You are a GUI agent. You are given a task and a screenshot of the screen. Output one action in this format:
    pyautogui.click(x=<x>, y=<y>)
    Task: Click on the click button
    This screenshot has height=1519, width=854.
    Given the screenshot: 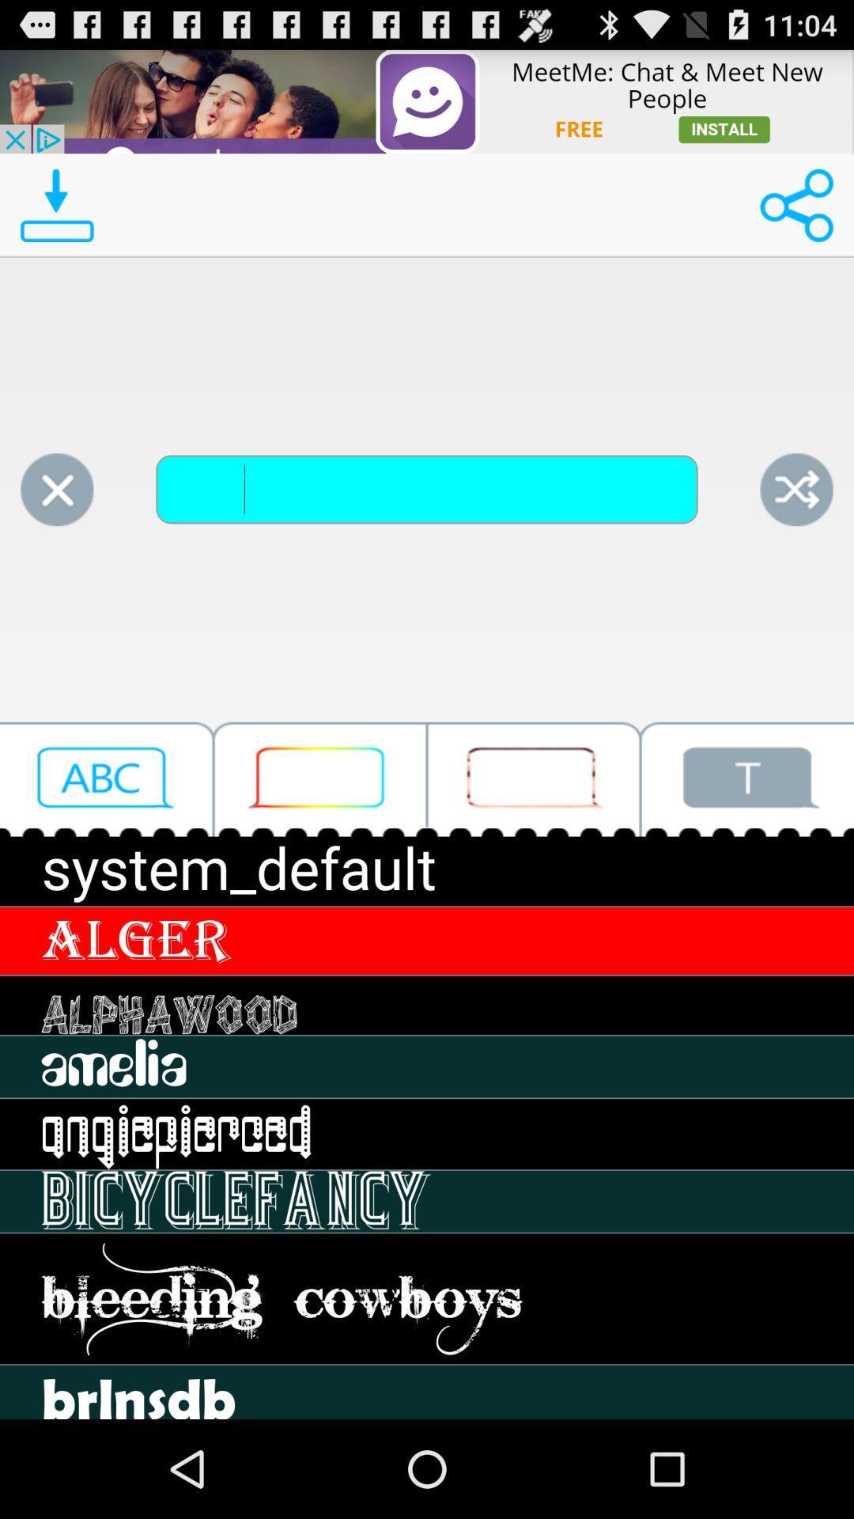 What is the action you would take?
    pyautogui.click(x=534, y=779)
    